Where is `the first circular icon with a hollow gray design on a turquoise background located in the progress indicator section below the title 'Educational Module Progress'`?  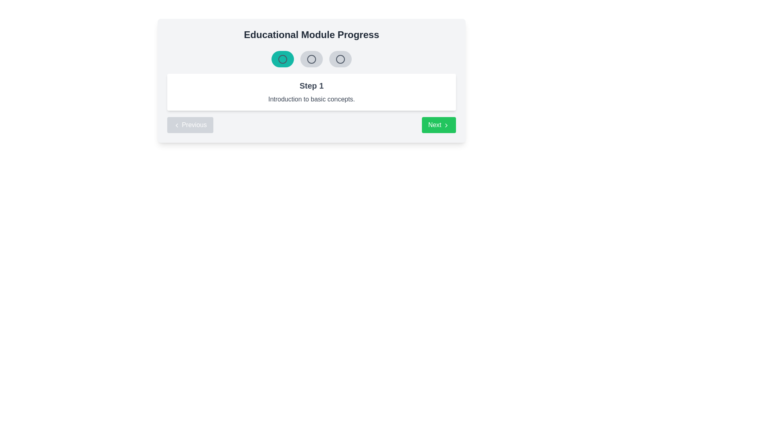 the first circular icon with a hollow gray design on a turquoise background located in the progress indicator section below the title 'Educational Module Progress' is located at coordinates (283, 58).